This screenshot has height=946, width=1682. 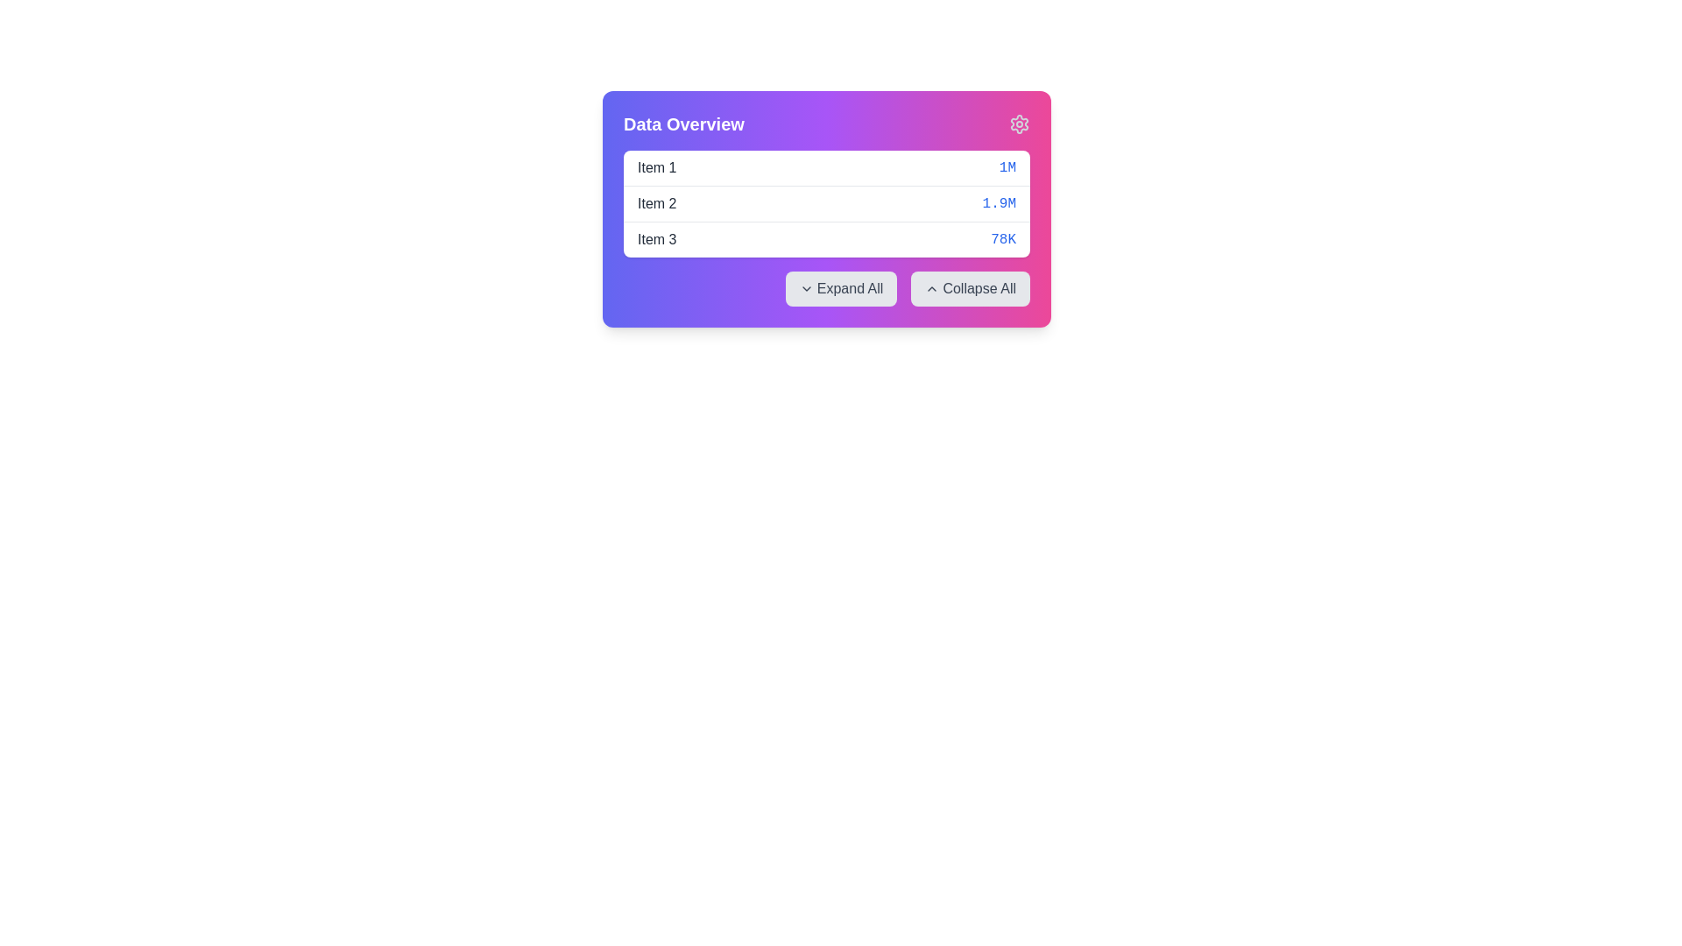 What do you see at coordinates (970, 288) in the screenshot?
I see `the 'Collapse All' button, which has a light gray background, rounded edges, and dark gray text with an upward chevron icon on its left side, located to the right of the 'Expand All' button` at bounding box center [970, 288].